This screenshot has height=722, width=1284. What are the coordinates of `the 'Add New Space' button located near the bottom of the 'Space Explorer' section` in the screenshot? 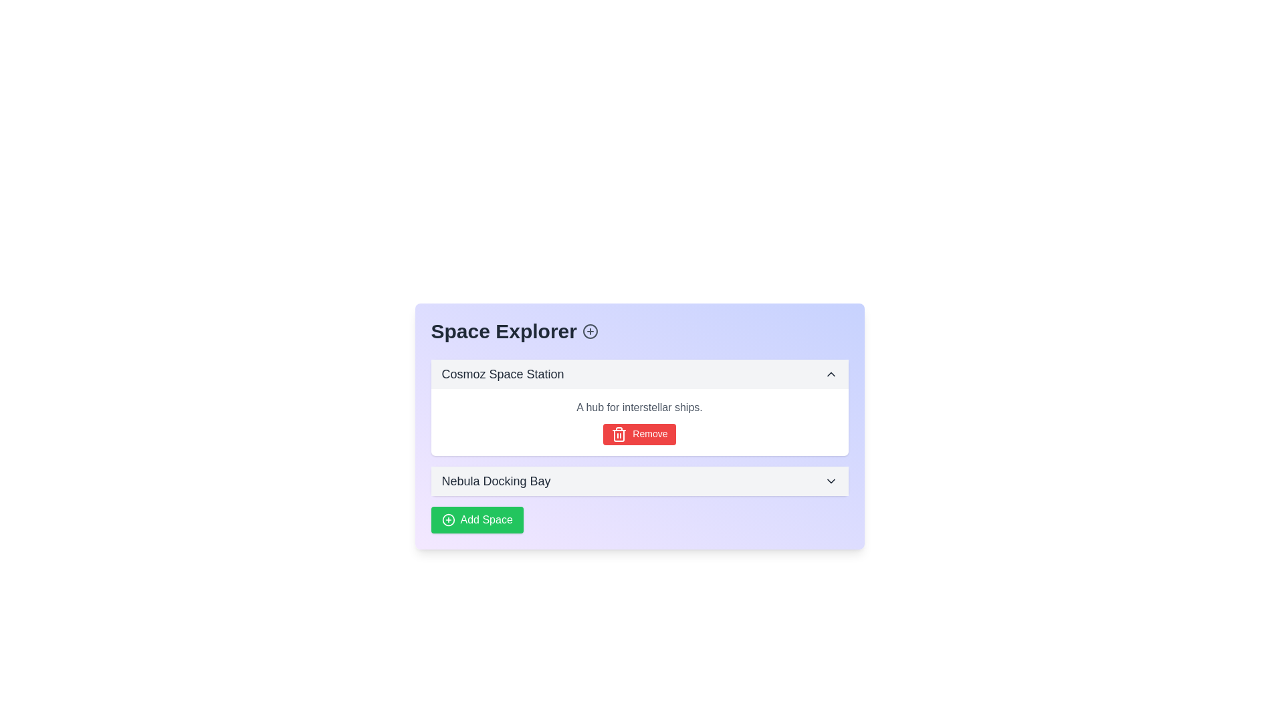 It's located at (477, 519).